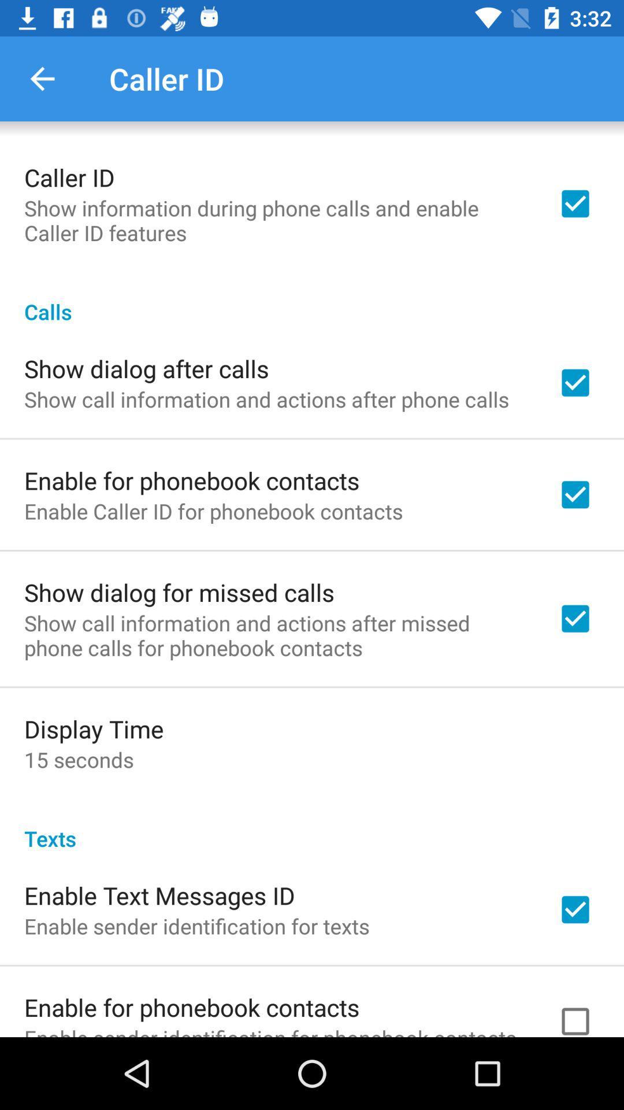  What do you see at coordinates (159, 894) in the screenshot?
I see `enable text messages icon` at bounding box center [159, 894].